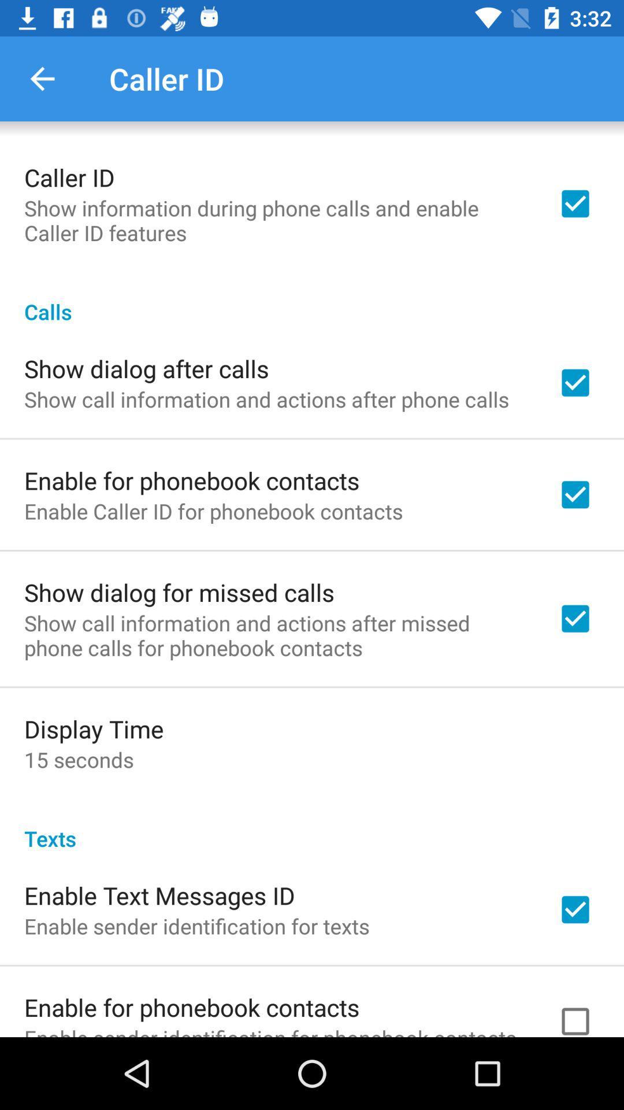  What do you see at coordinates (159, 894) in the screenshot?
I see `enable text messages icon` at bounding box center [159, 894].